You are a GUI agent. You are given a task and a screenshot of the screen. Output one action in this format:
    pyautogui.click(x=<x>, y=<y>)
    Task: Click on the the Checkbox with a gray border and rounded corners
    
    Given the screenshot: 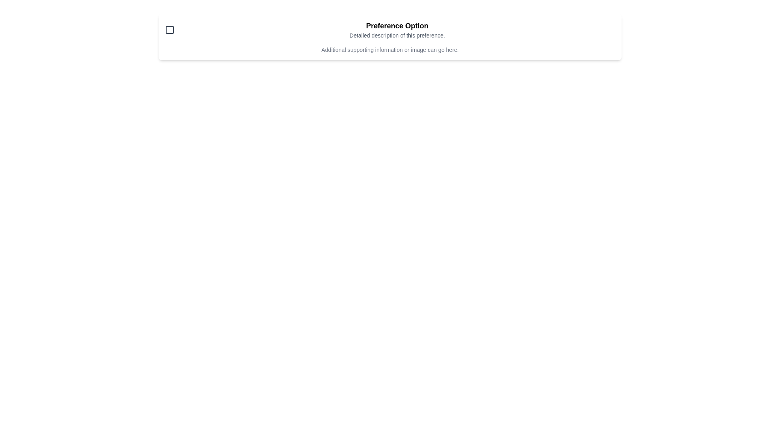 What is the action you would take?
    pyautogui.click(x=169, y=29)
    